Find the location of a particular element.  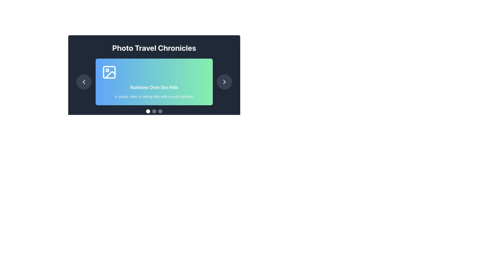

text header 'Rainbow Over the Hills' which is styled in bold and large font, colored white, and positioned centrally in the card layout is located at coordinates (154, 87).